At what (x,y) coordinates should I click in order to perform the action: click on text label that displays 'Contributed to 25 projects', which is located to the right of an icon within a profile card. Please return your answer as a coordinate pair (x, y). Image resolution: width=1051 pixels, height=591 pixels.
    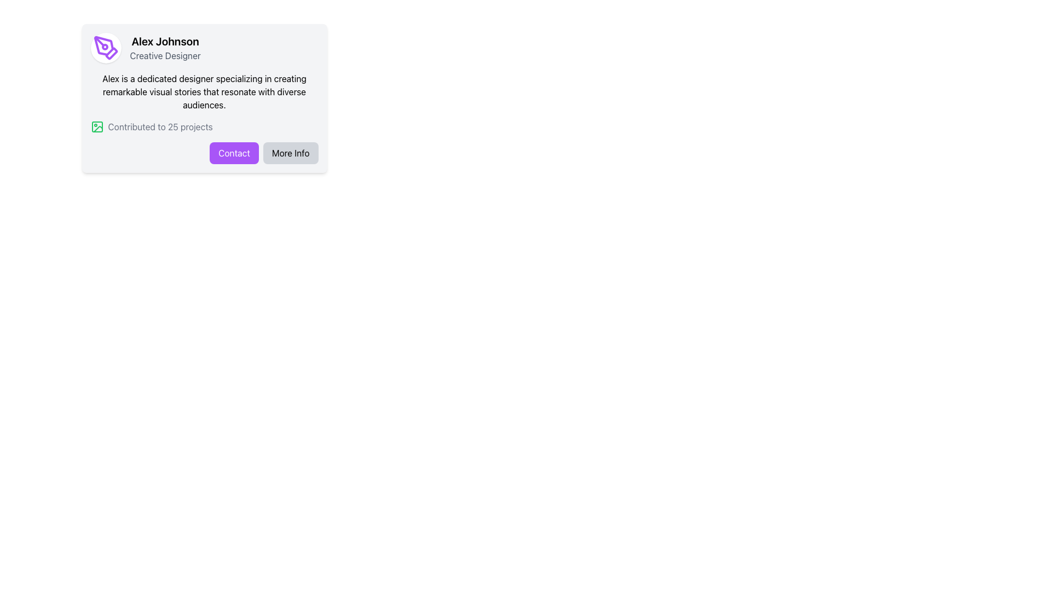
    Looking at the image, I should click on (160, 126).